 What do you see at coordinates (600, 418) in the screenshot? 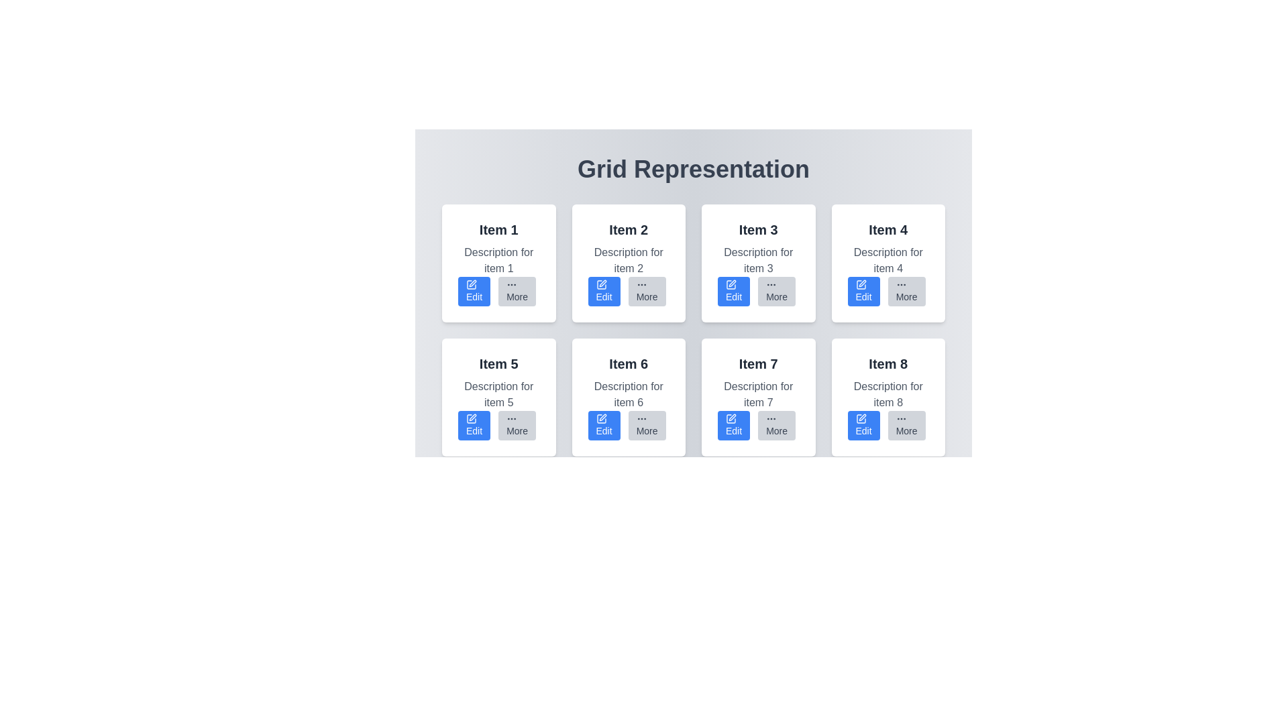
I see `the icon element resembling a box with a stylized pen, which is part of the sixth item in the grid layout associated with the blue 'Edit' button` at bounding box center [600, 418].